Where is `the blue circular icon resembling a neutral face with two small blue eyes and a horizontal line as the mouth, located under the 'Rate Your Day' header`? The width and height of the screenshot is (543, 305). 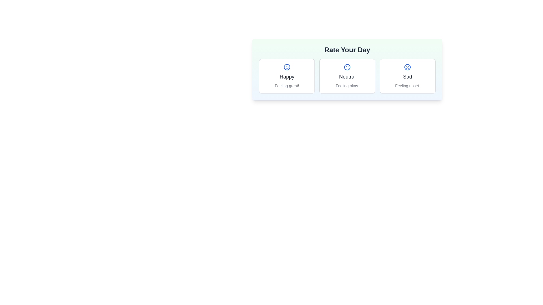 the blue circular icon resembling a neutral face with two small blue eyes and a horizontal line as the mouth, located under the 'Rate Your Day' header is located at coordinates (347, 67).